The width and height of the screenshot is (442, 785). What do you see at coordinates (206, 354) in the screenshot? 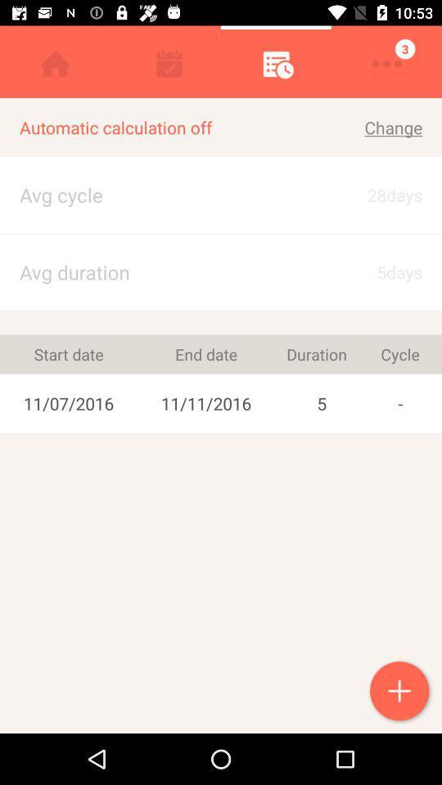
I see `icon to the right of the 11/07/2016` at bounding box center [206, 354].